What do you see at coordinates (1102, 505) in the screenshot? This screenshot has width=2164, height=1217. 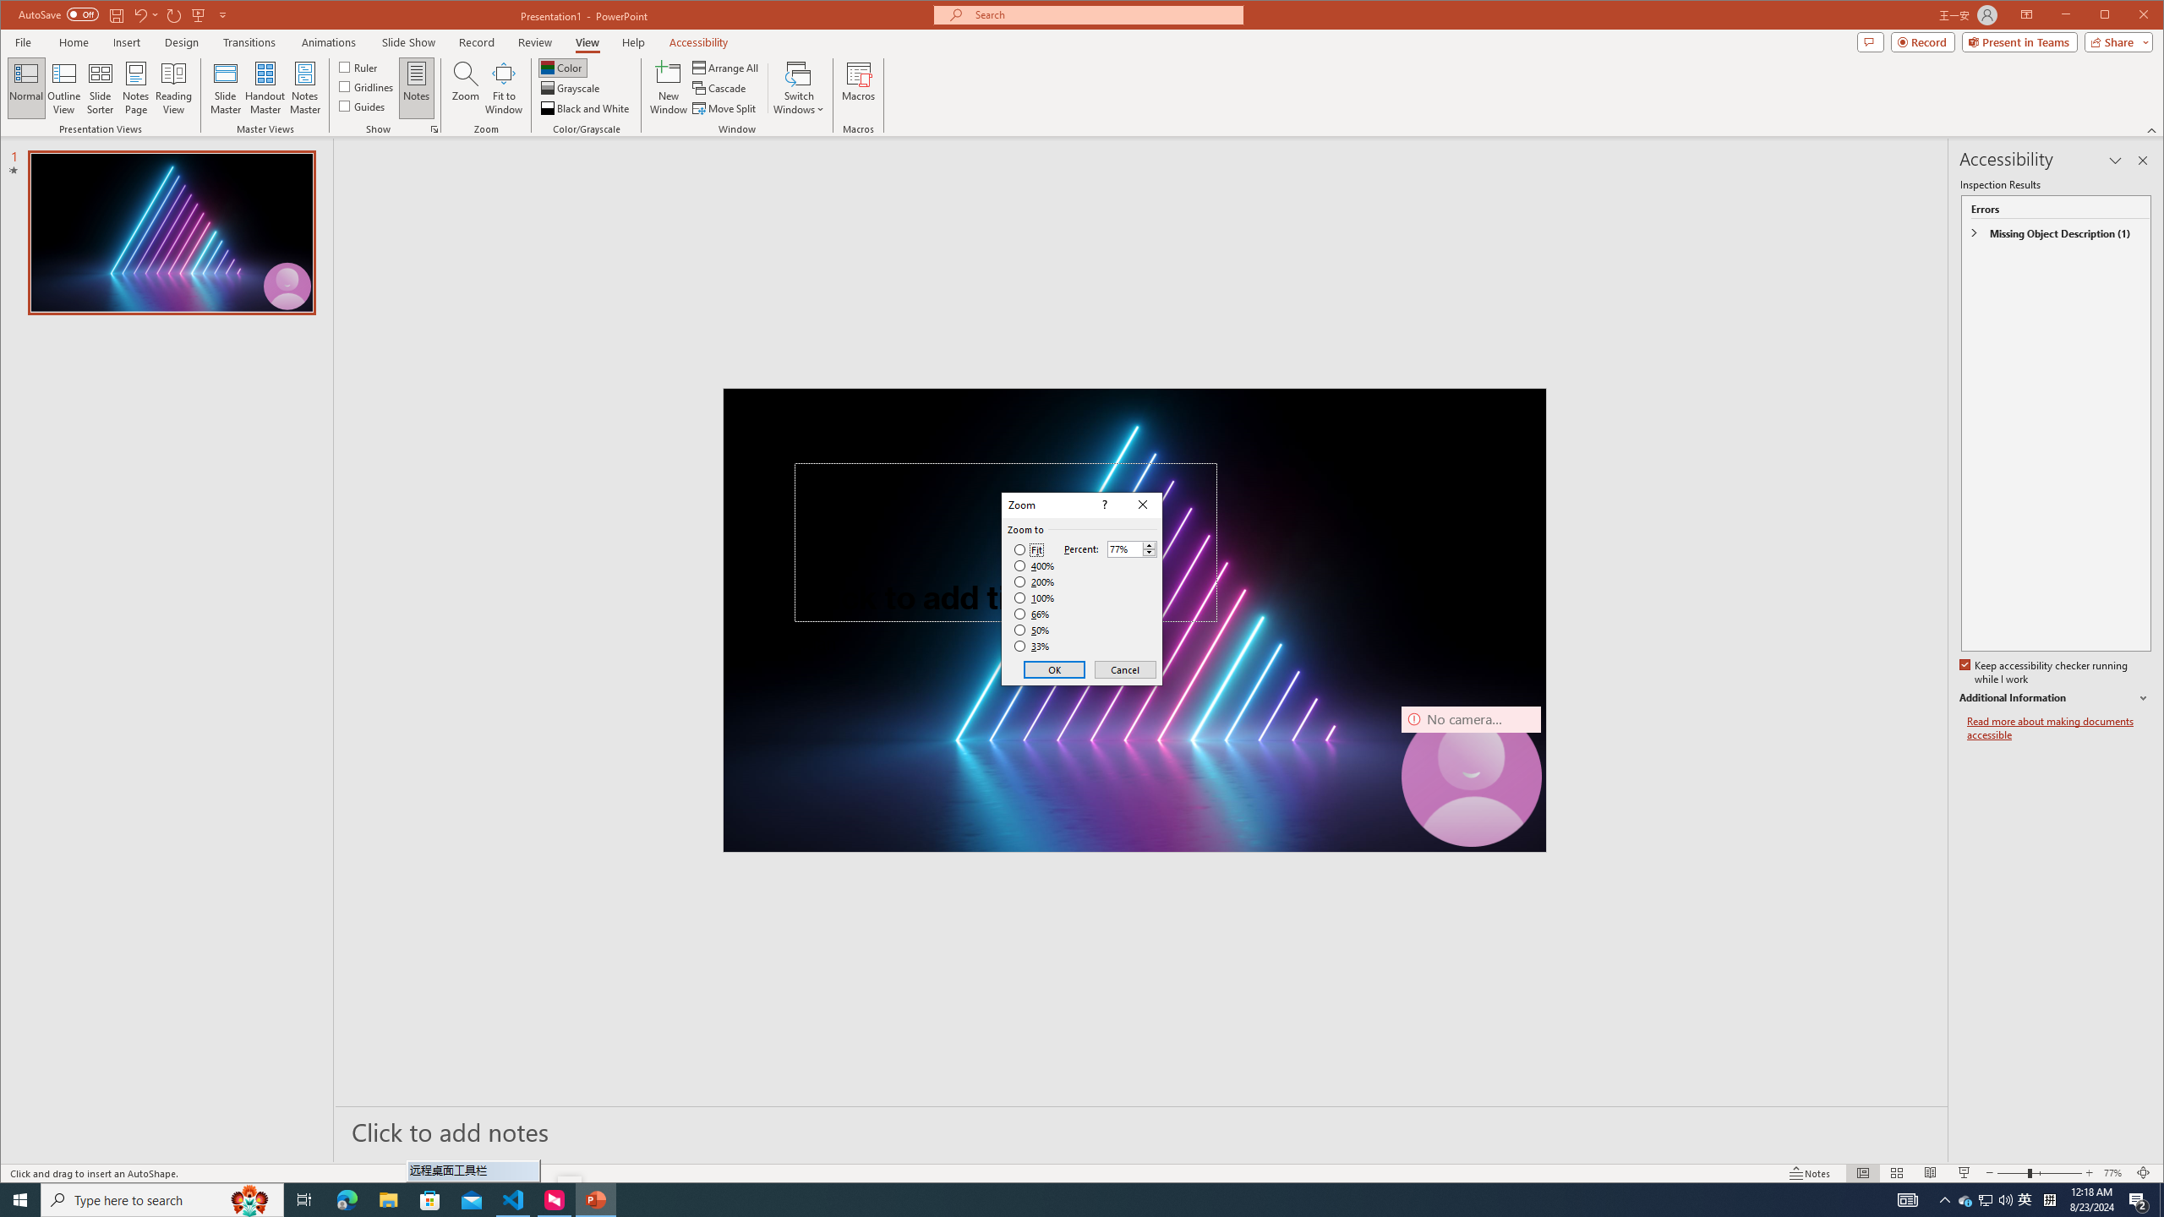 I see `'Context help'` at bounding box center [1102, 505].